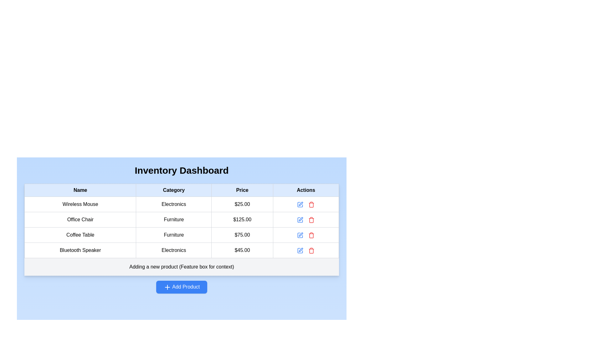 Image resolution: width=601 pixels, height=338 pixels. Describe the element at coordinates (300, 219) in the screenshot. I see `the 'pen' or 'edit' icon located in the rightmost column labeled 'Actions' in the second row of the data table to initiate editing` at that location.